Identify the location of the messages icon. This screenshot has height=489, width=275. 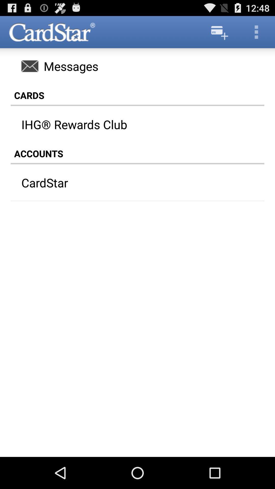
(137, 66).